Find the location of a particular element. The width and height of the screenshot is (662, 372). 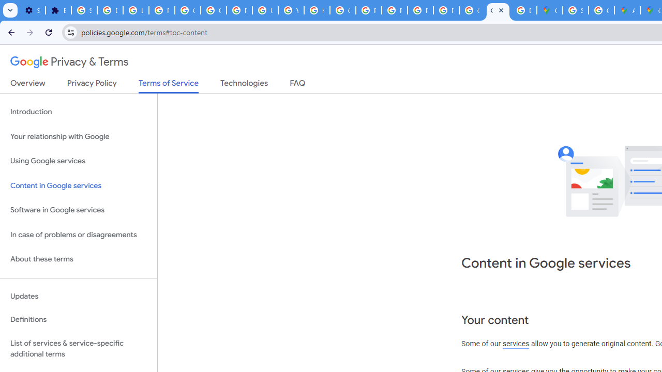

'Technologies' is located at coordinates (244, 85).